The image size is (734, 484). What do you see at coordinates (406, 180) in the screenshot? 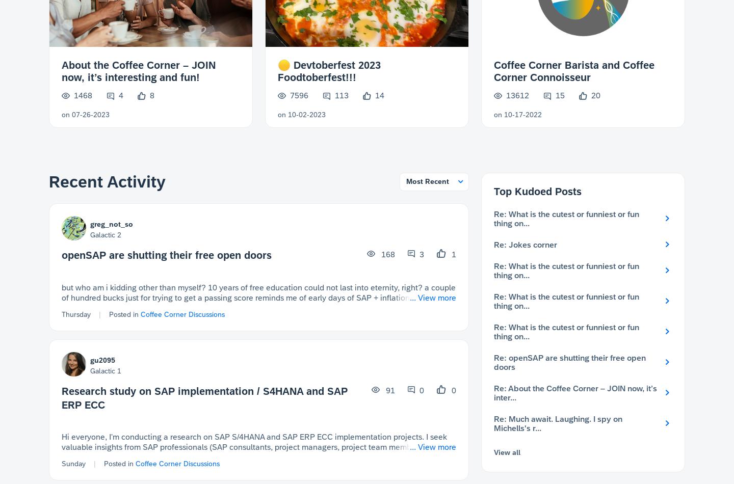
I see `'Most Recent'` at bounding box center [406, 180].